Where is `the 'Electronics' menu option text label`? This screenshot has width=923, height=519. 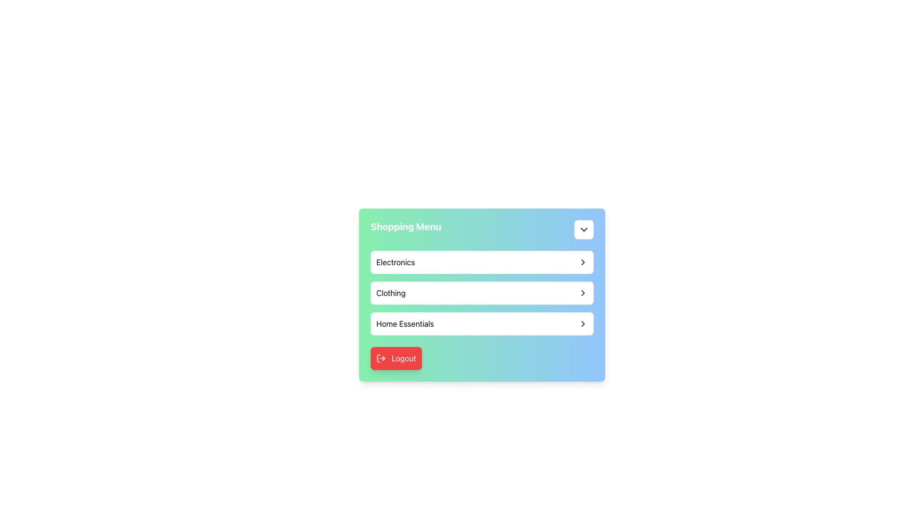
the 'Electronics' menu option text label is located at coordinates (396, 262).